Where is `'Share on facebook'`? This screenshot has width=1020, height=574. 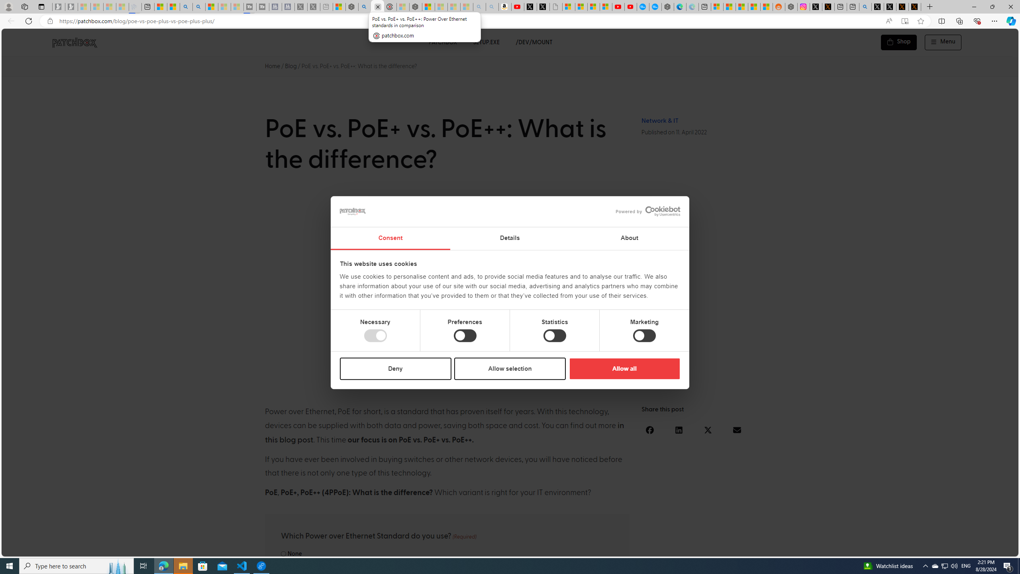 'Share on facebook' is located at coordinates (650, 430).